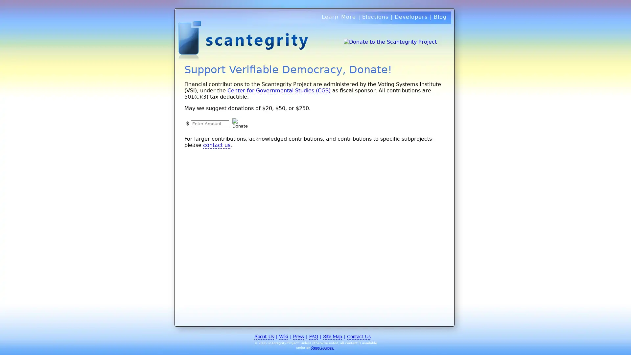 The image size is (631, 355). What do you see at coordinates (240, 123) in the screenshot?
I see `Donate` at bounding box center [240, 123].